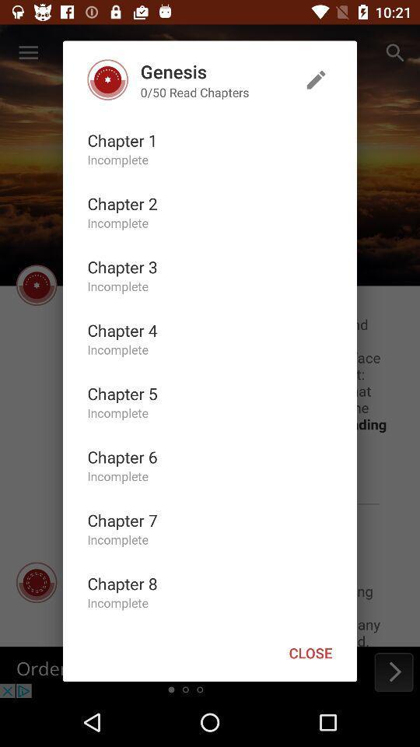  Describe the element at coordinates (315, 79) in the screenshot. I see `item next to genesis item` at that location.